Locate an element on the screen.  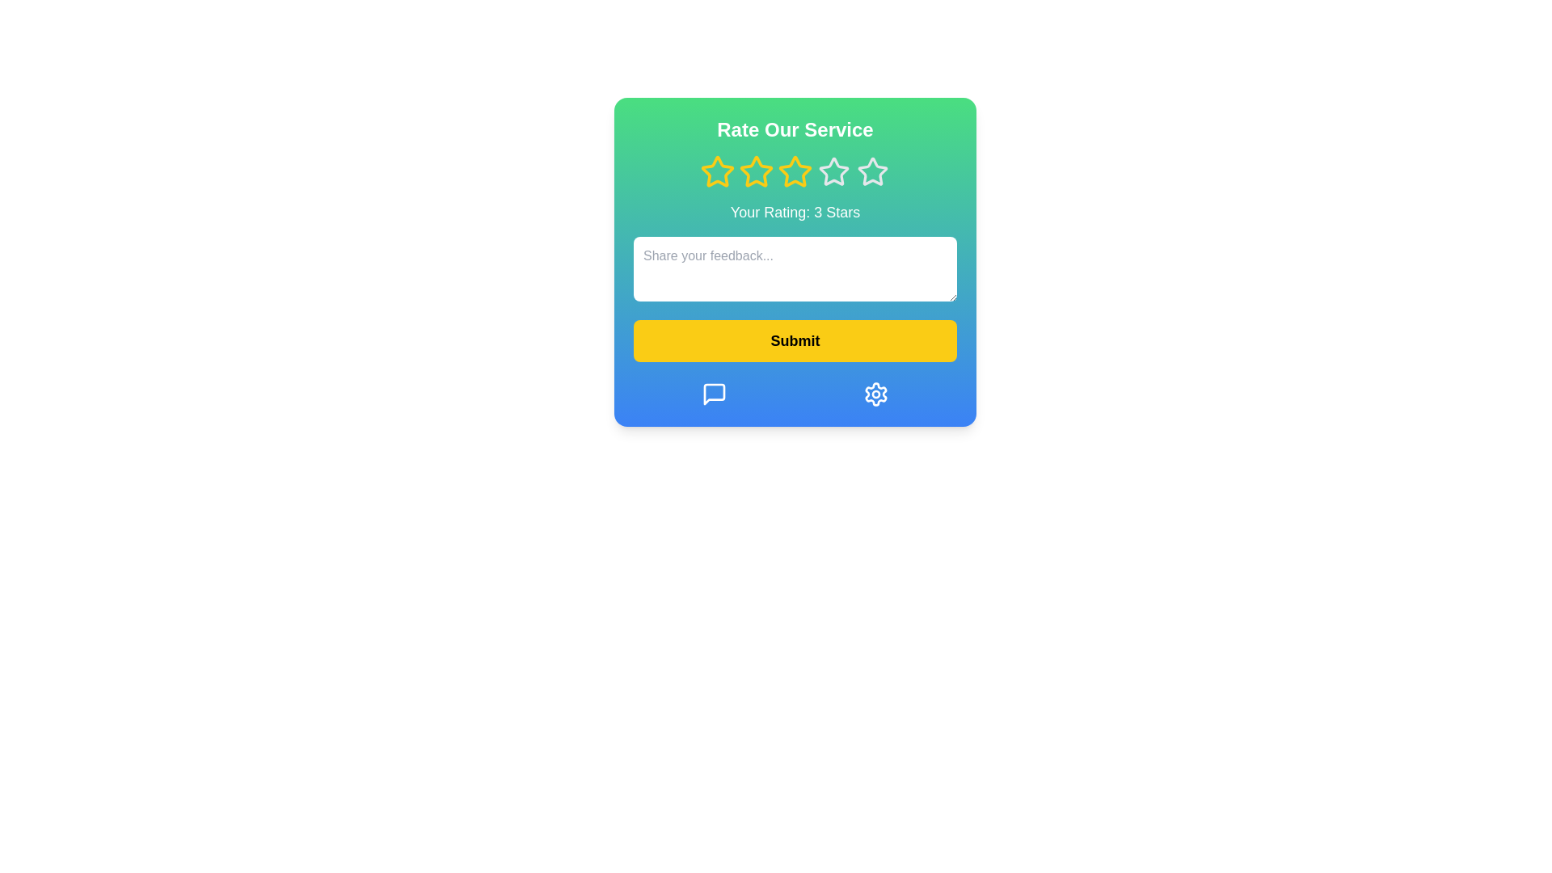
the fourth star in the interactive rating star component is located at coordinates (871, 171).